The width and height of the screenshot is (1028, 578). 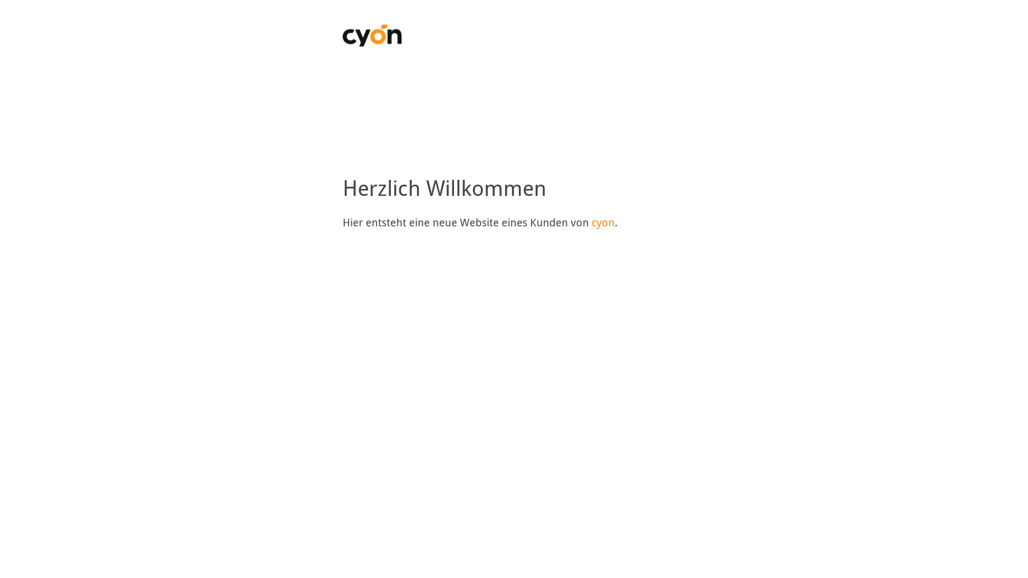 I want to click on 'cyon', so click(x=591, y=222).